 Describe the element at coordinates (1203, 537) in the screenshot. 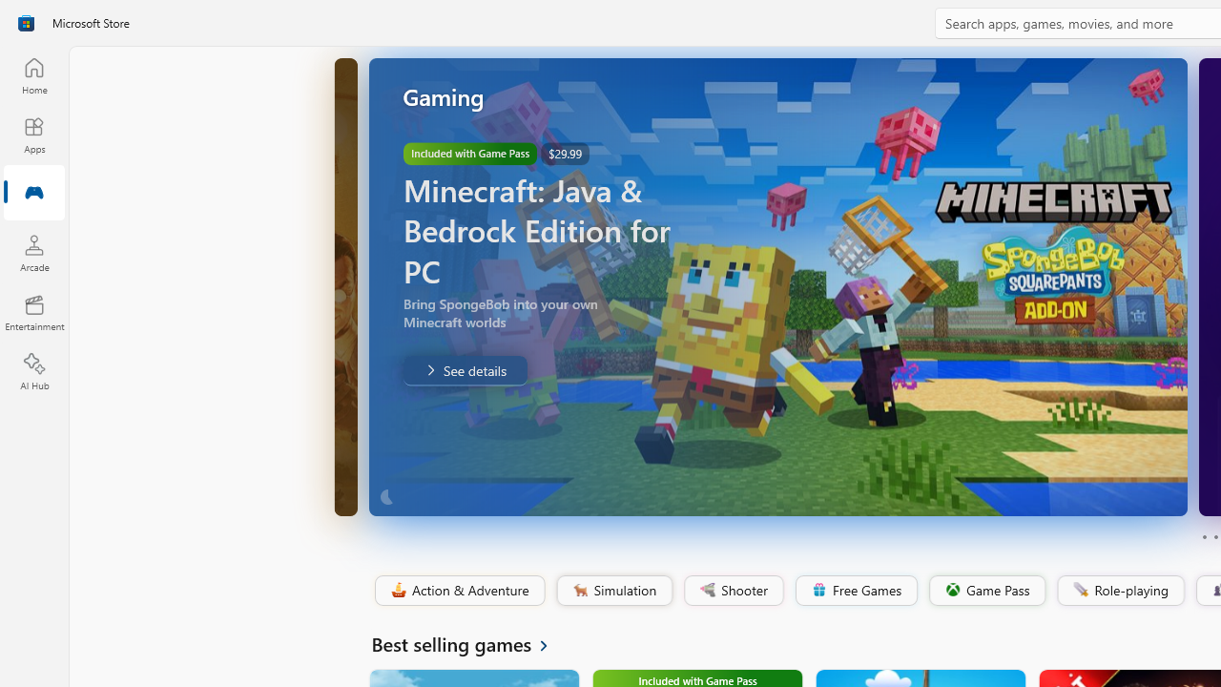

I see `'Page 1'` at that location.